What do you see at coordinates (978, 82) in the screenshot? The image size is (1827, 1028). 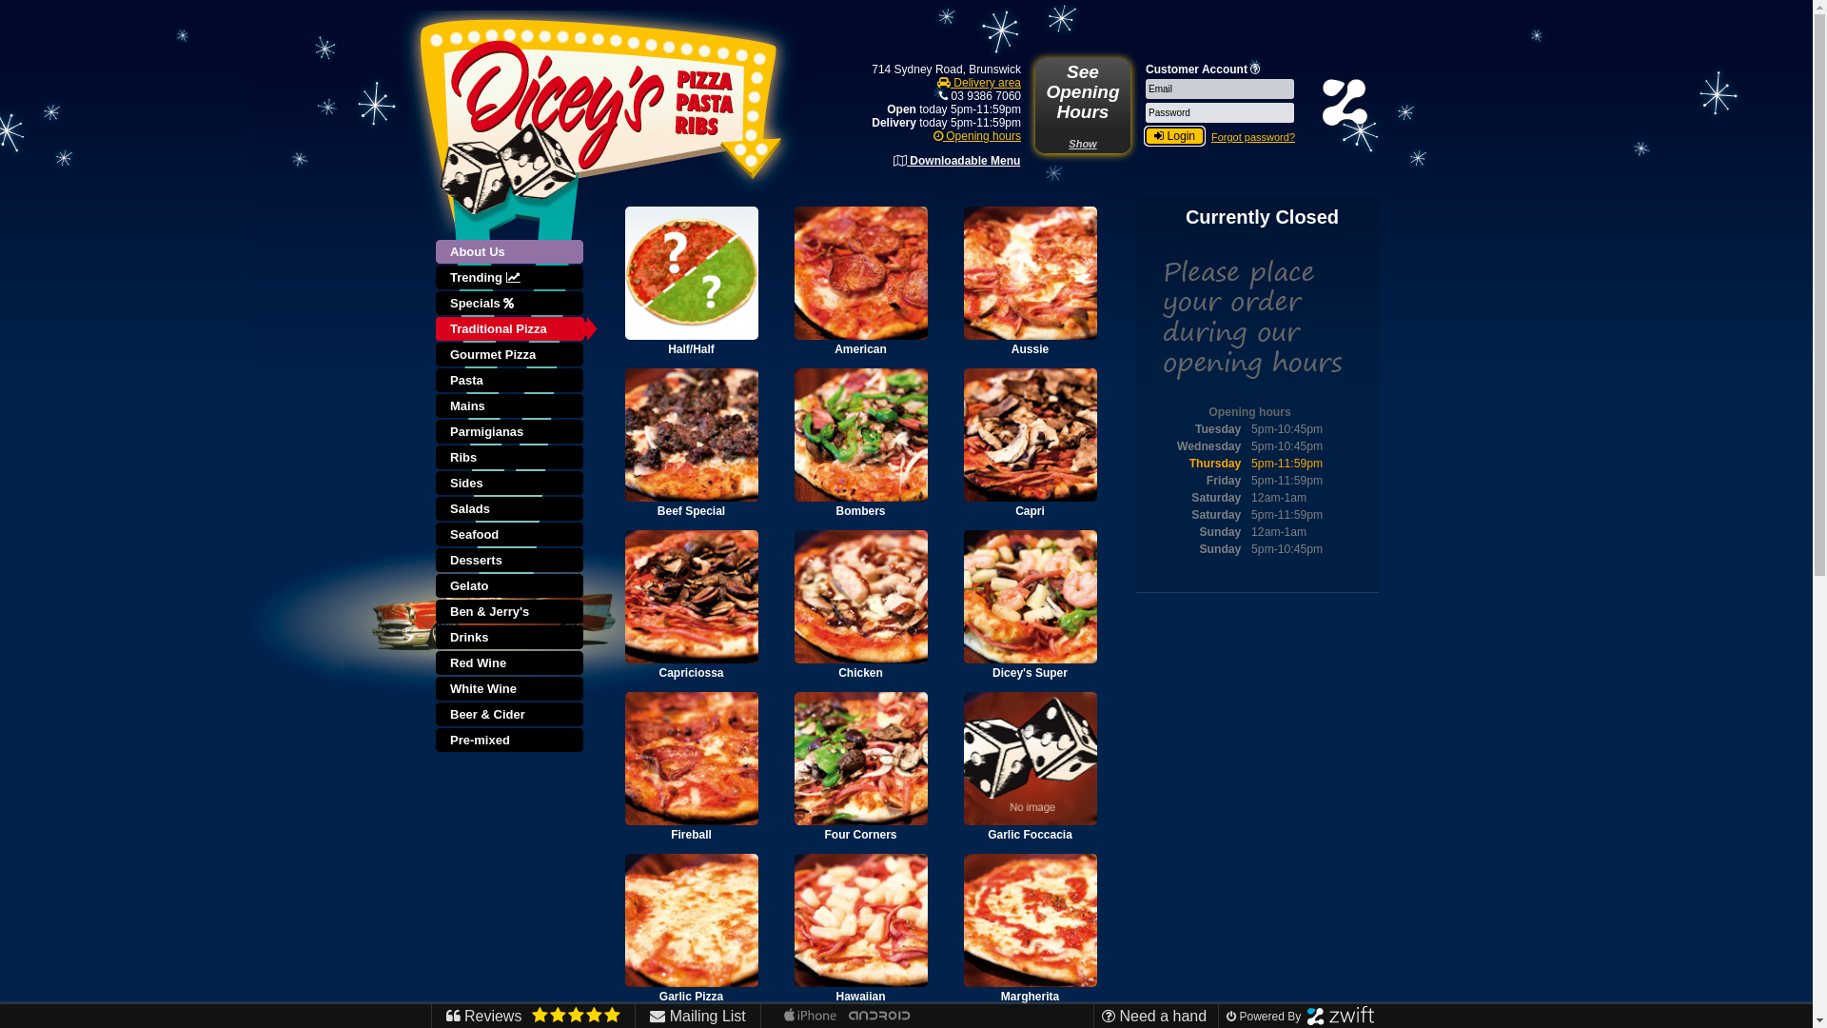 I see `'Delivery area'` at bounding box center [978, 82].